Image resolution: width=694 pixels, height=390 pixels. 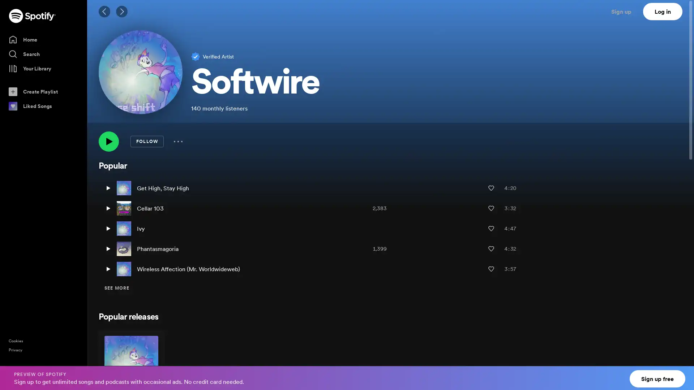 I want to click on Sign up, so click(x=625, y=11).